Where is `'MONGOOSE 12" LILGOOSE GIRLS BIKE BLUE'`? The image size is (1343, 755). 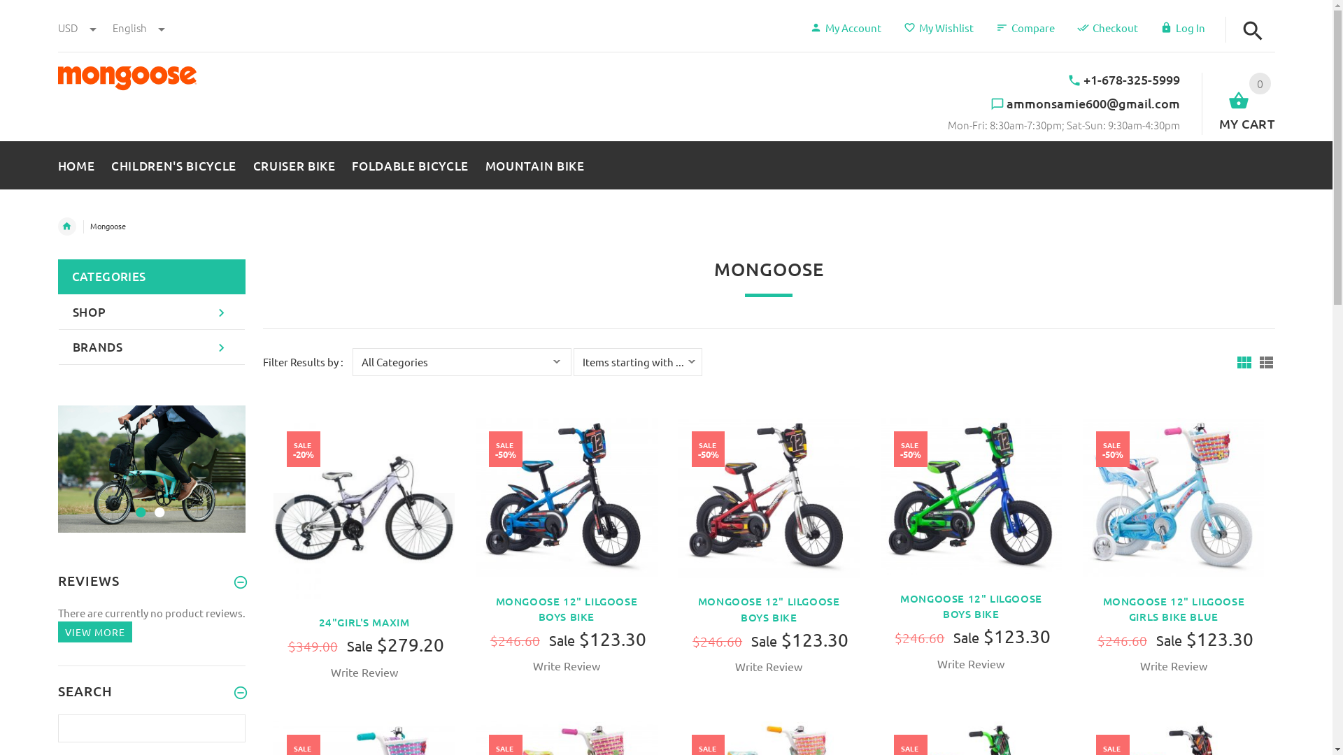
'MONGOOSE 12" LILGOOSE GIRLS BIKE BLUE' is located at coordinates (1174, 608).